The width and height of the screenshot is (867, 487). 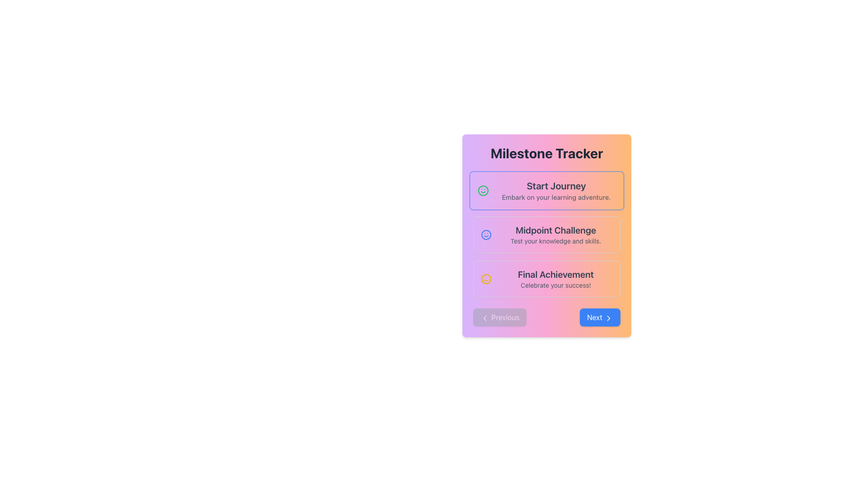 I want to click on the 'Next' SVG Icon located at the bottom-right corner of the 'Next' button within the 'Milestone Tracker' card, so click(x=609, y=317).